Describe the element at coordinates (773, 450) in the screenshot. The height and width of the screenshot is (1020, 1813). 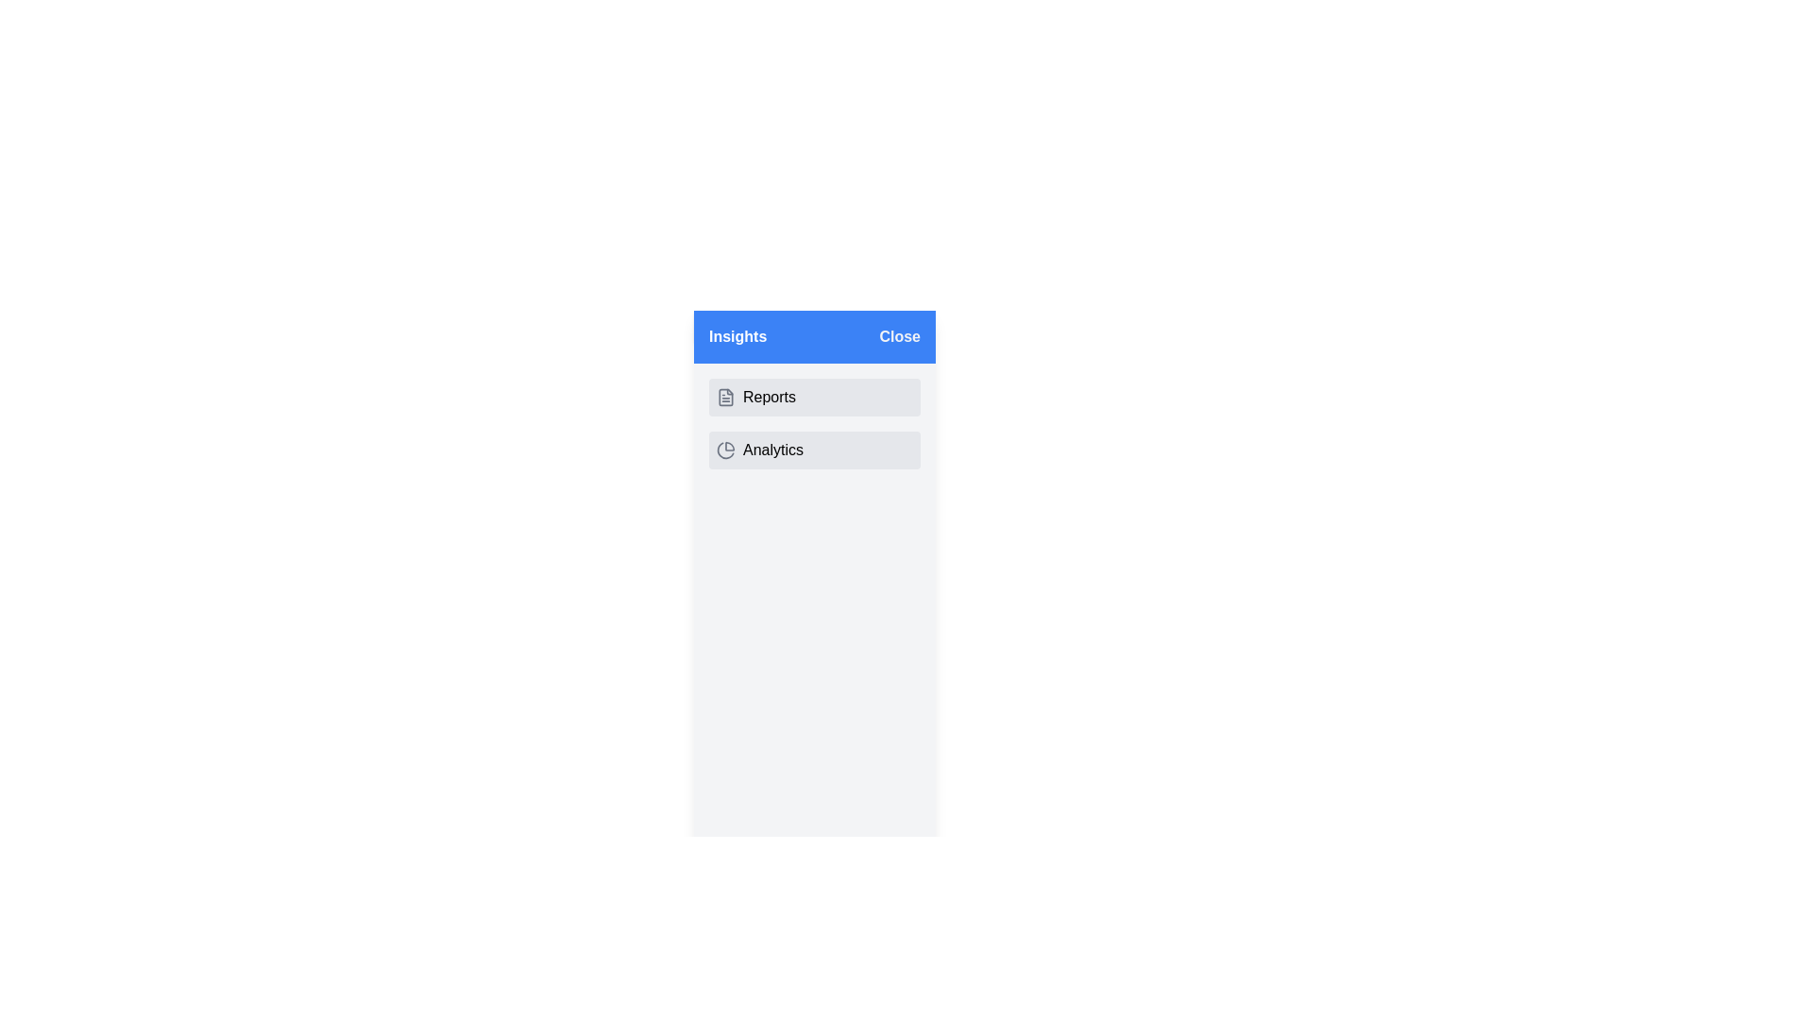
I see `the text label in the vertical menu list that directs to analytics-related functionalities, located beside an icon and below the 'Reports' item` at that location.